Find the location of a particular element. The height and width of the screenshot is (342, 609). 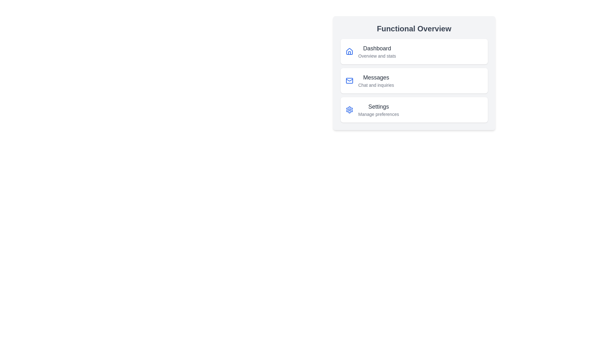

the doorway icon of the house graphic located at the top left corner of the 'Dashboard' menu item is located at coordinates (349, 53).